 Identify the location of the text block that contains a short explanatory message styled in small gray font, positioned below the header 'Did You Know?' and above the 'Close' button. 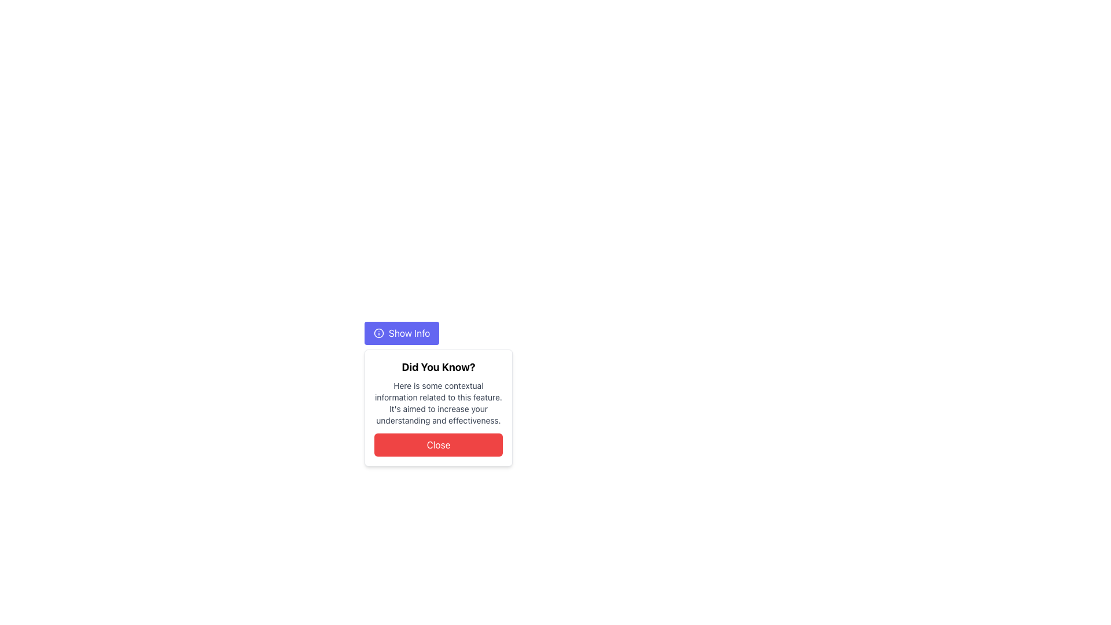
(438, 403).